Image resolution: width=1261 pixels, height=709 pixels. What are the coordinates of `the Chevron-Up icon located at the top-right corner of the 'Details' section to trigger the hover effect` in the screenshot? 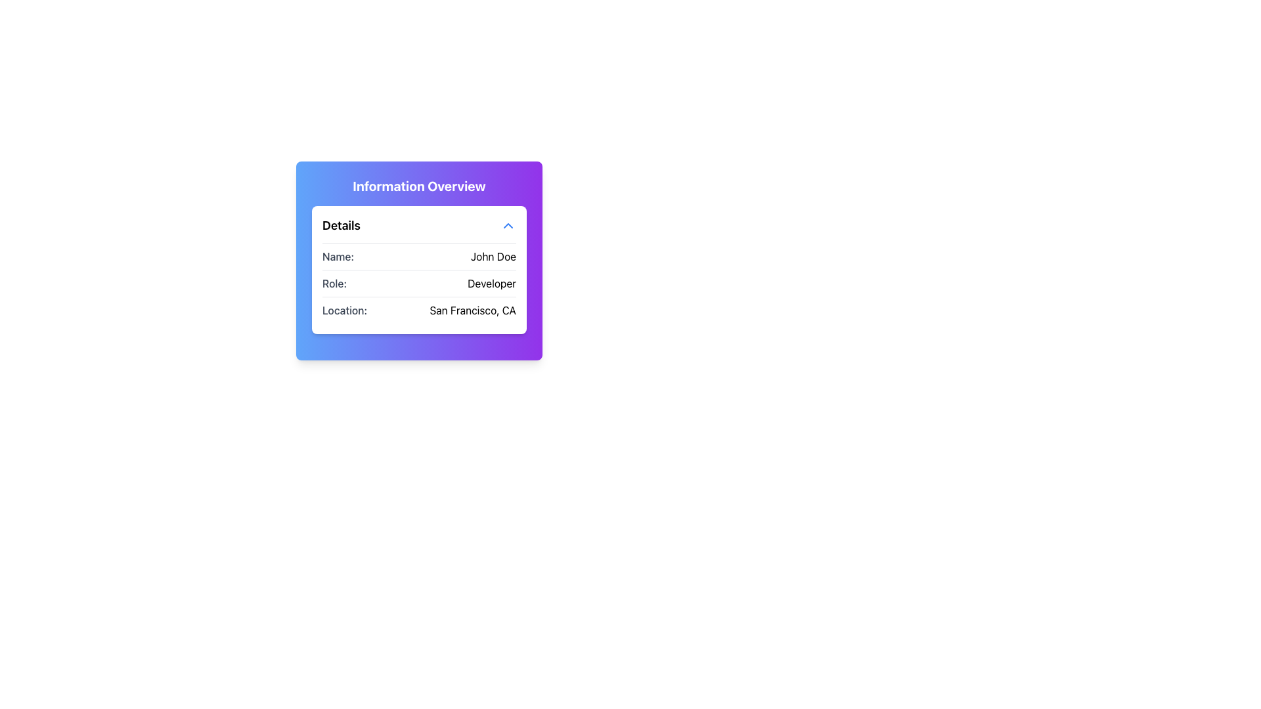 It's located at (507, 225).